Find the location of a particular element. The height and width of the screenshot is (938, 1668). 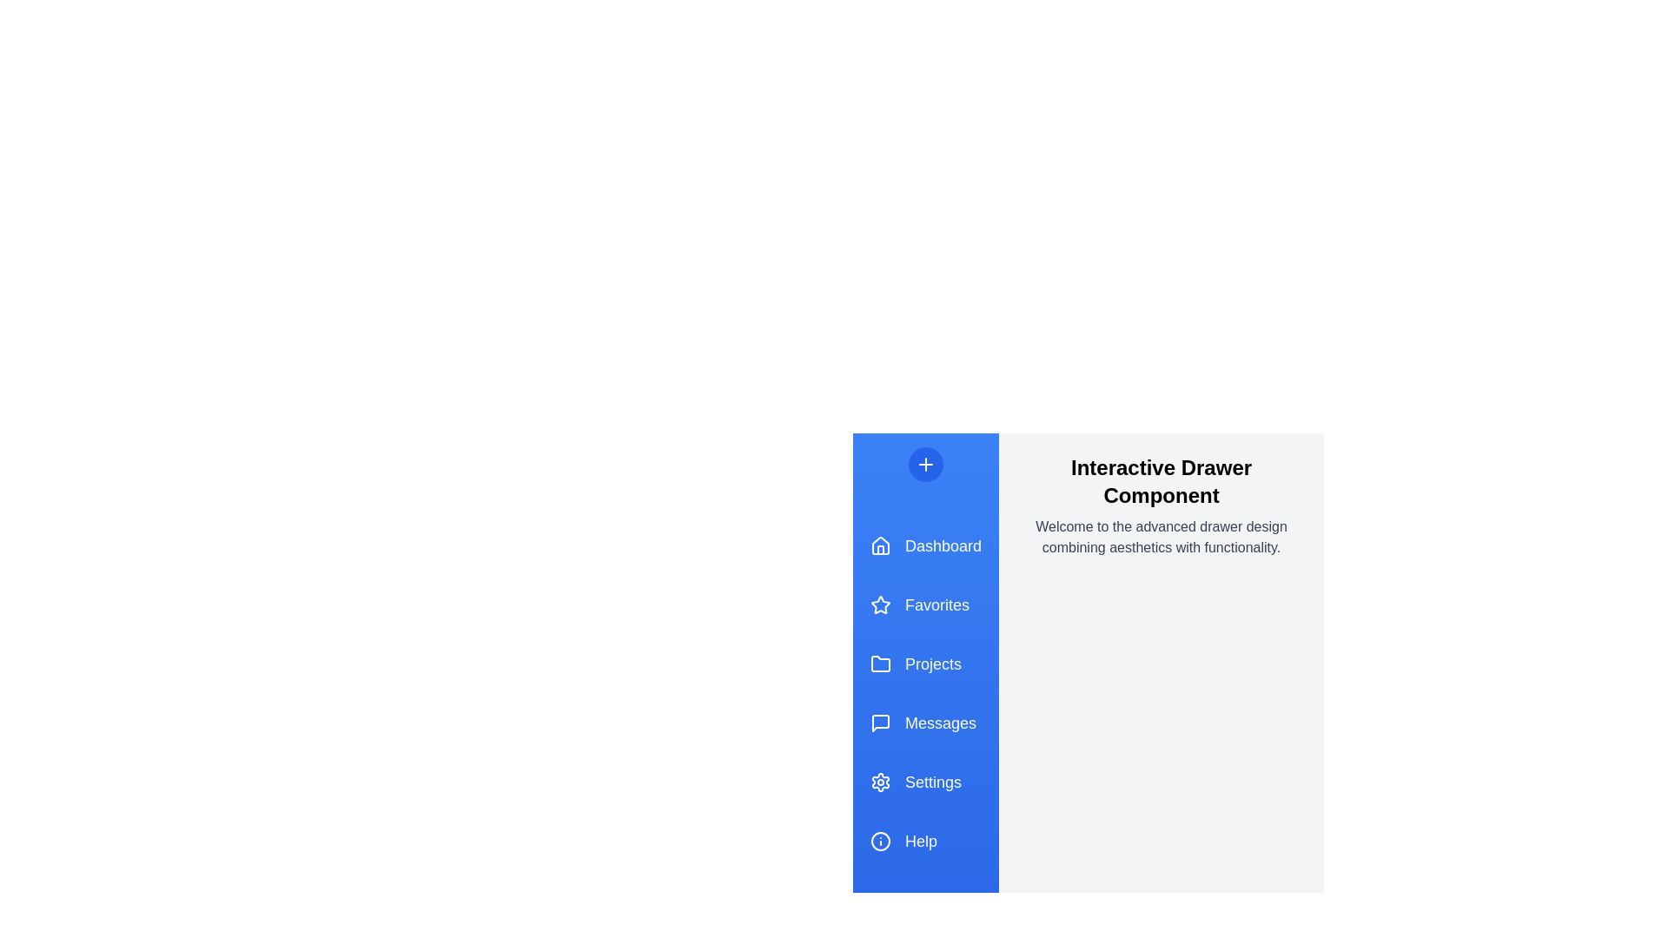

the menu item Messages is located at coordinates (924, 723).